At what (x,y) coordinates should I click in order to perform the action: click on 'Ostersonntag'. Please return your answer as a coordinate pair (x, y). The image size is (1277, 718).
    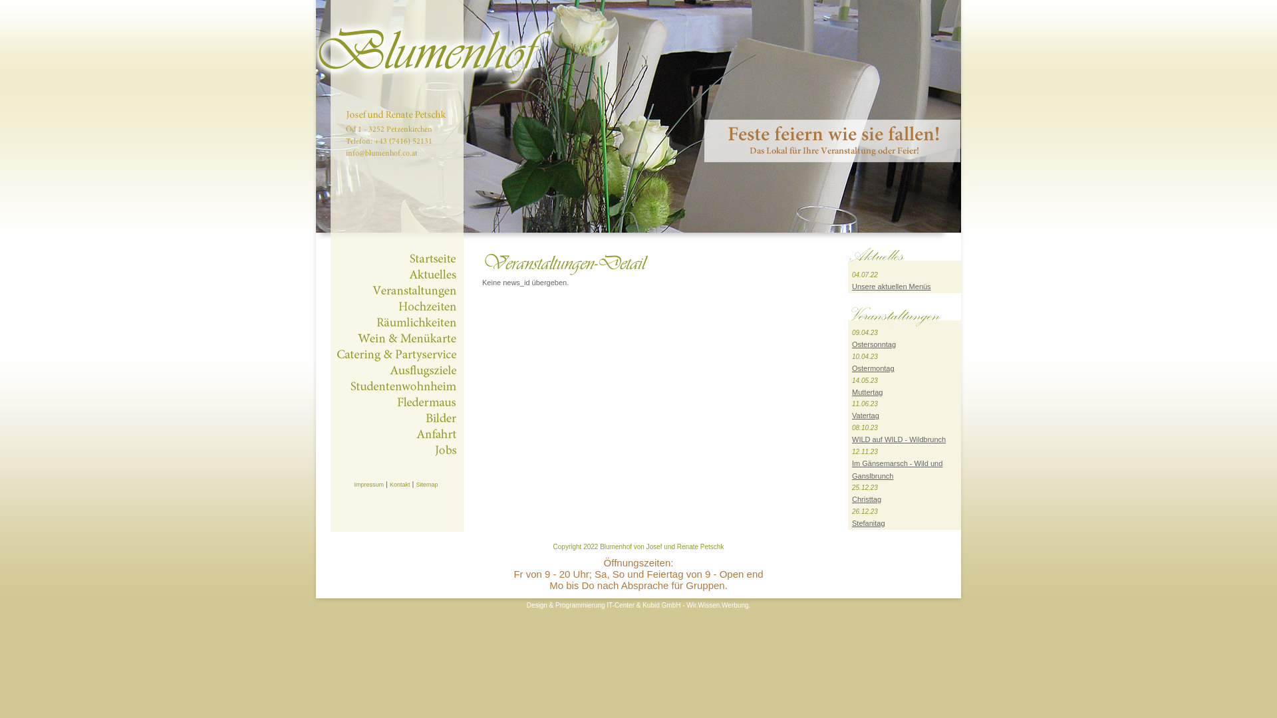
    Looking at the image, I should click on (852, 343).